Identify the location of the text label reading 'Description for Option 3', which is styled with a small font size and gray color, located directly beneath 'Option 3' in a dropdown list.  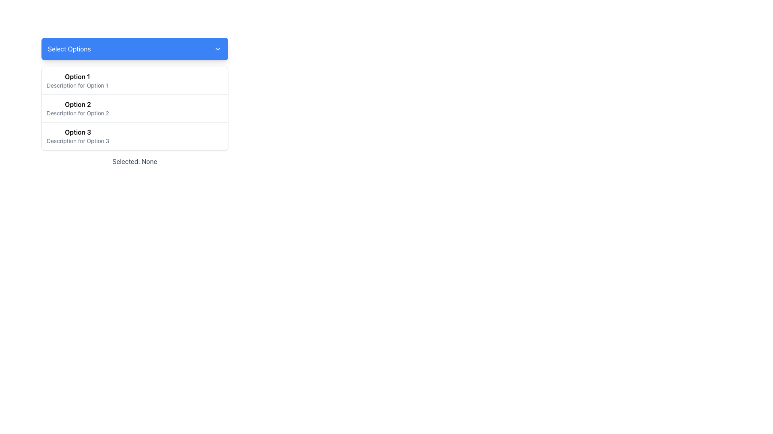
(78, 141).